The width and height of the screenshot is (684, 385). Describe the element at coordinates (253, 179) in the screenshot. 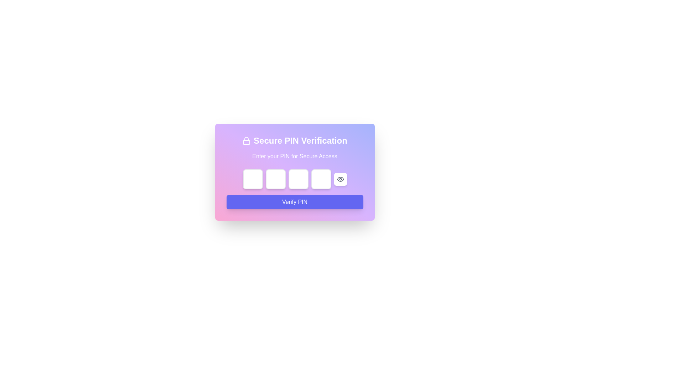

I see `the first Password input field in the PIN verification interface to set focus for typing` at that location.